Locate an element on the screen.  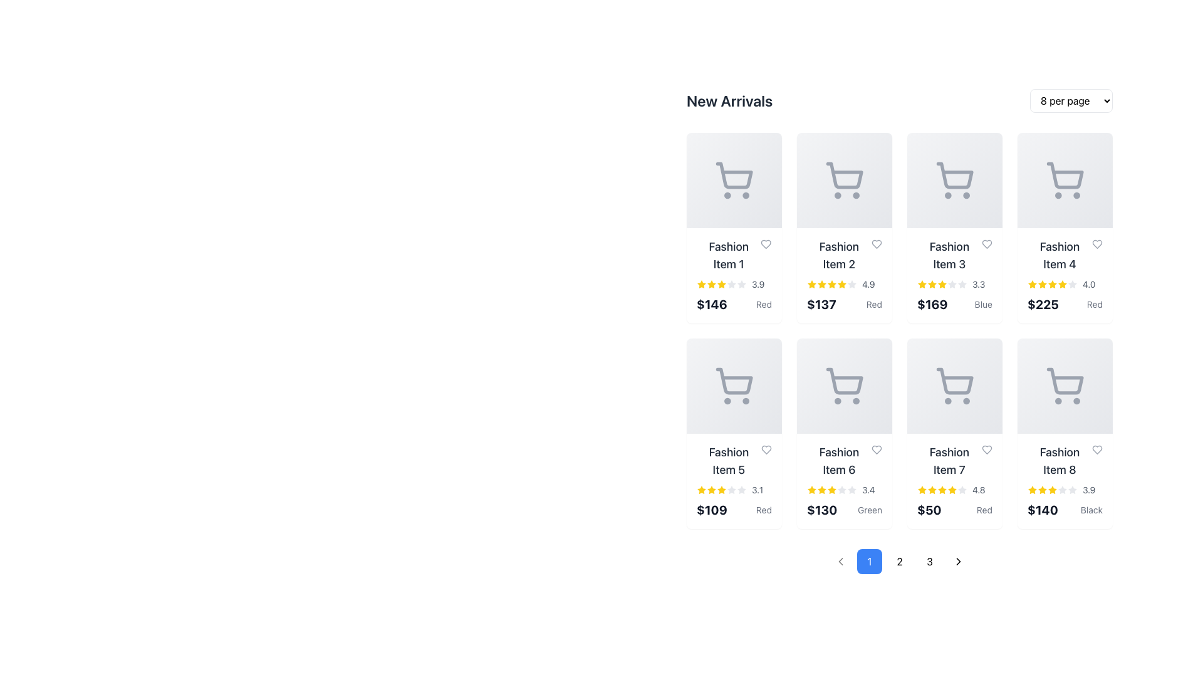
the yellow star icon representing the rating for 'Fashion Item 3' is located at coordinates (932, 285).